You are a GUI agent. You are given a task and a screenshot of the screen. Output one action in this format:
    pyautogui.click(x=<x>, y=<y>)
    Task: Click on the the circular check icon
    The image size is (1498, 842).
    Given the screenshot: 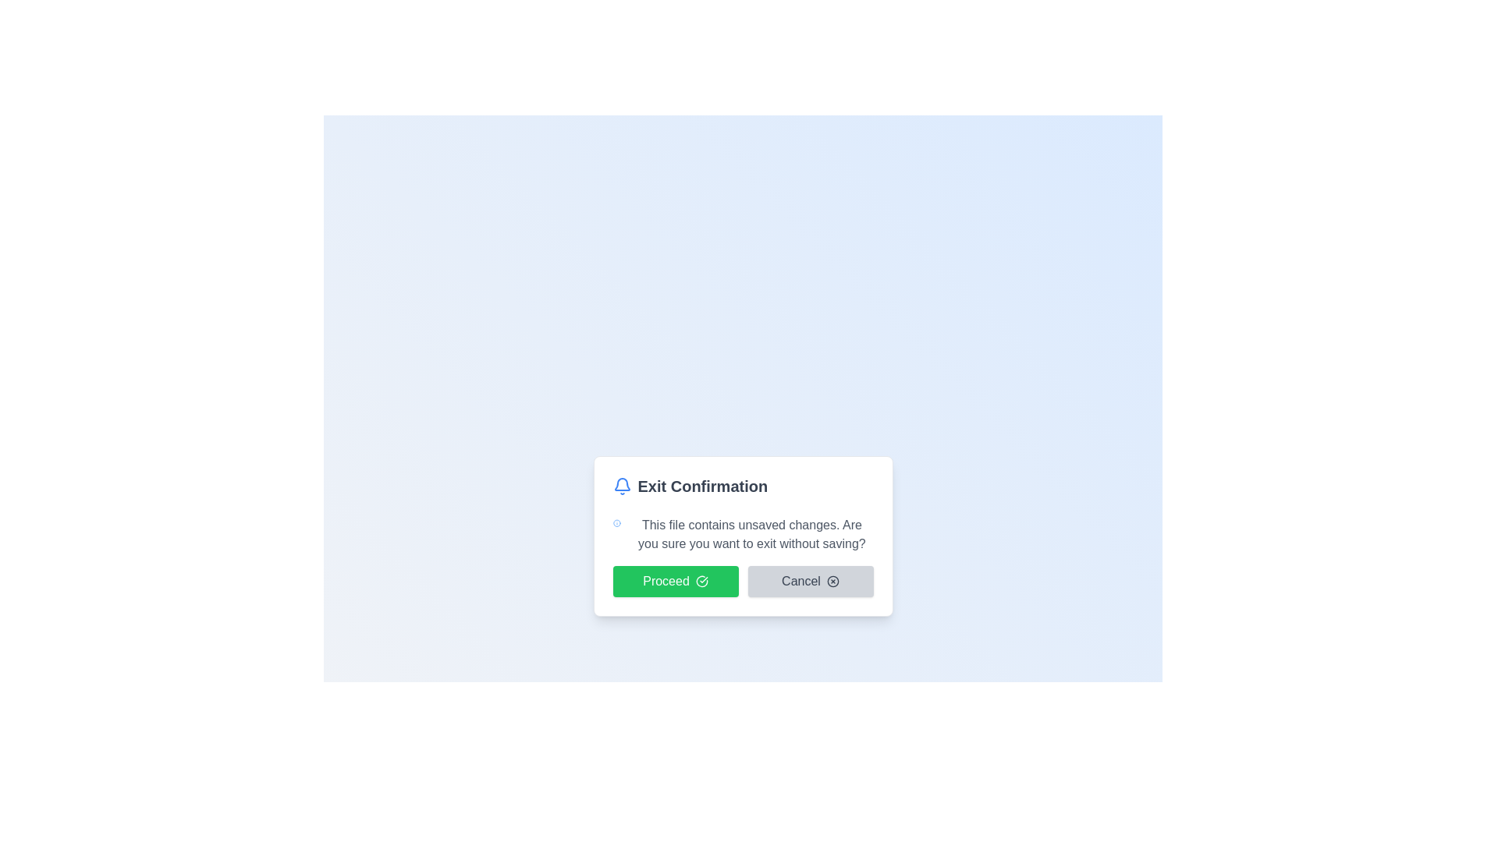 What is the action you would take?
    pyautogui.click(x=701, y=581)
    